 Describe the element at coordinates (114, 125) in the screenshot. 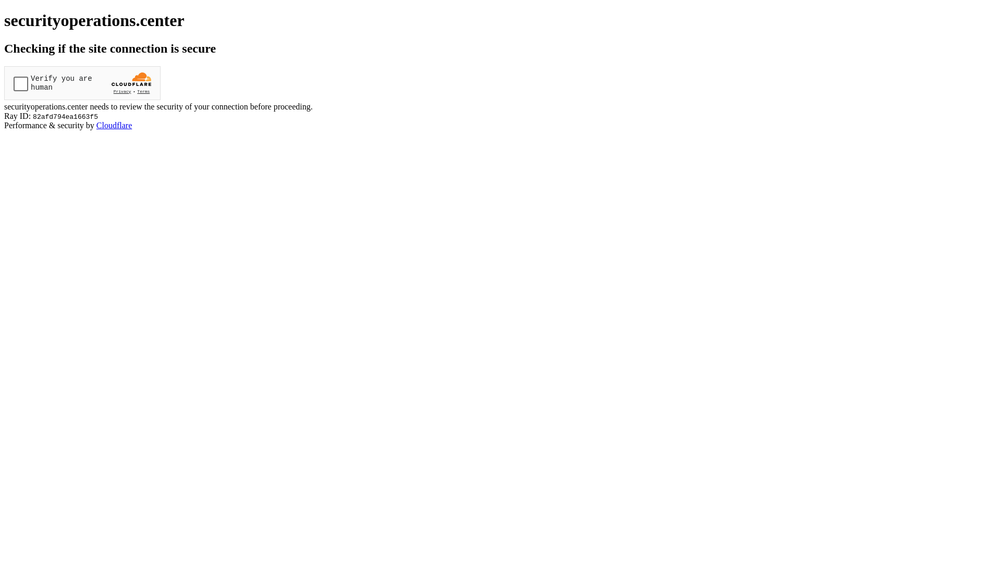

I see `'Cloudflare'` at that location.